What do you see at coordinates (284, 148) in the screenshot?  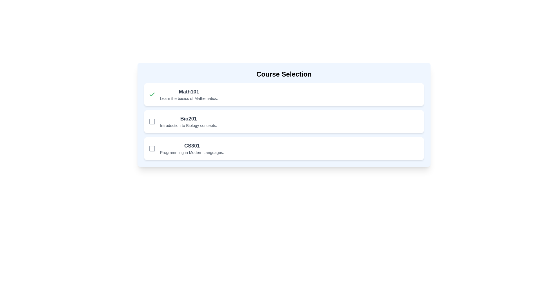 I see `the checkbox of the third selectable item in the course selection interface` at bounding box center [284, 148].